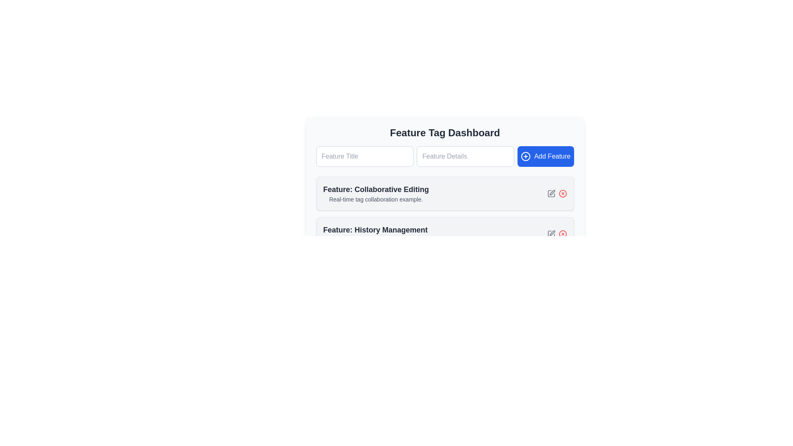 The height and width of the screenshot is (446, 793). What do you see at coordinates (375, 199) in the screenshot?
I see `the Text label that provides additional information related to the feature title 'Feature: Collaborative Editing', located below it` at bounding box center [375, 199].